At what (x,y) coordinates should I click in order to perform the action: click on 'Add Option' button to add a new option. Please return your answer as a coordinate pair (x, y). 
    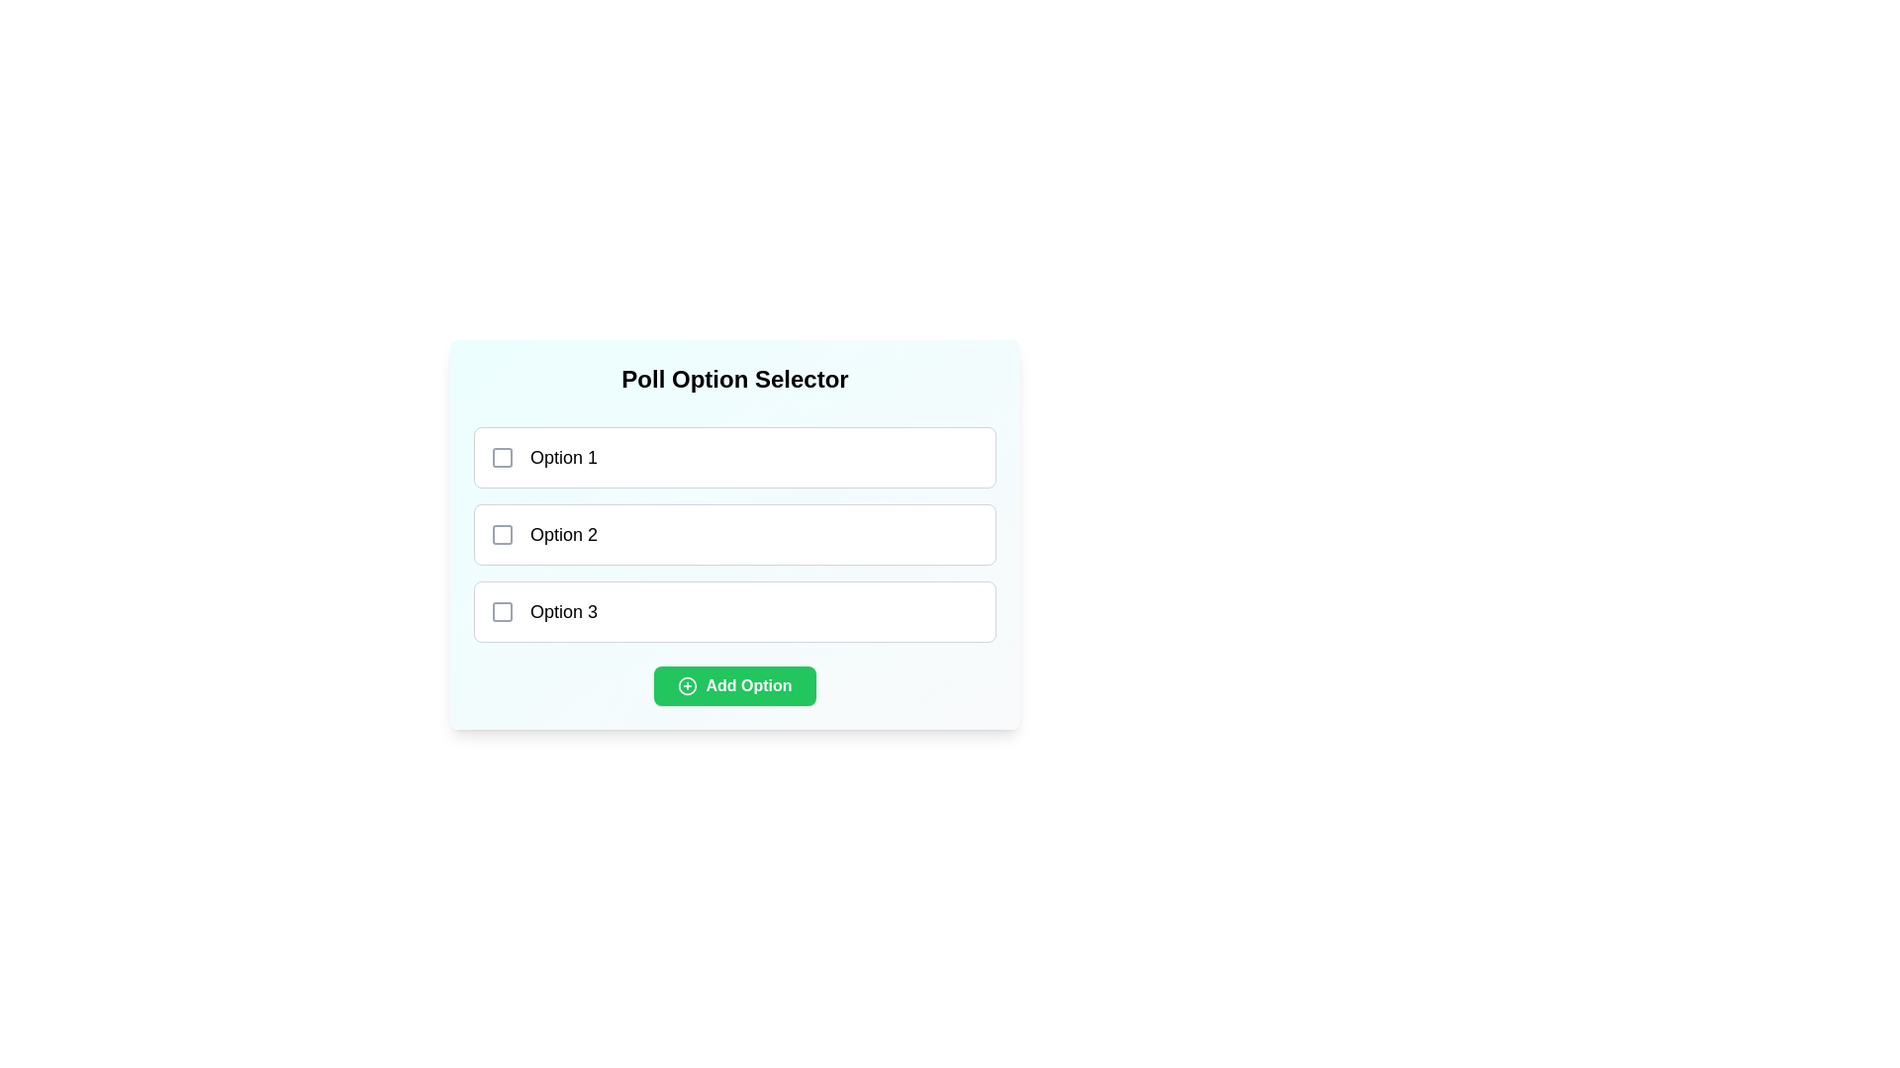
    Looking at the image, I should click on (734, 685).